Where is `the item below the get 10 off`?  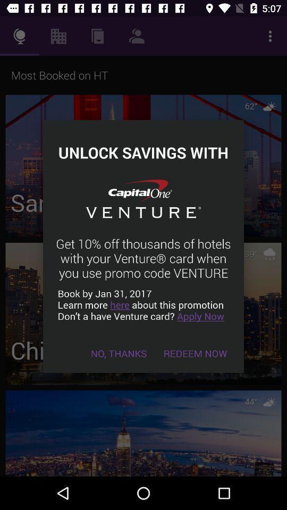 the item below the get 10 off is located at coordinates (143, 304).